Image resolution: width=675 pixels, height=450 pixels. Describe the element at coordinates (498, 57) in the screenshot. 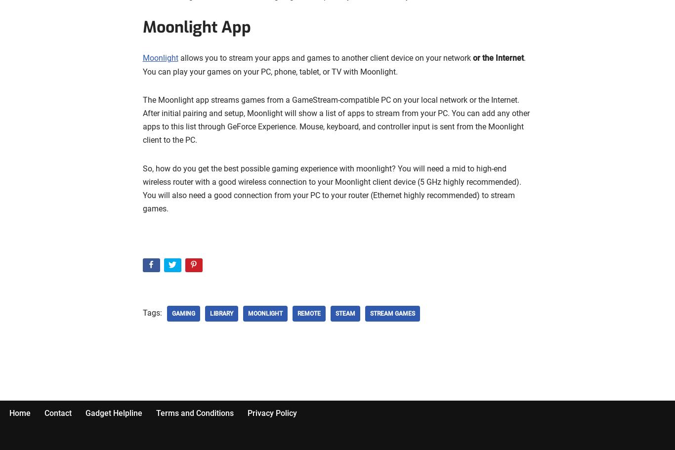

I see `'or the Internet'` at that location.